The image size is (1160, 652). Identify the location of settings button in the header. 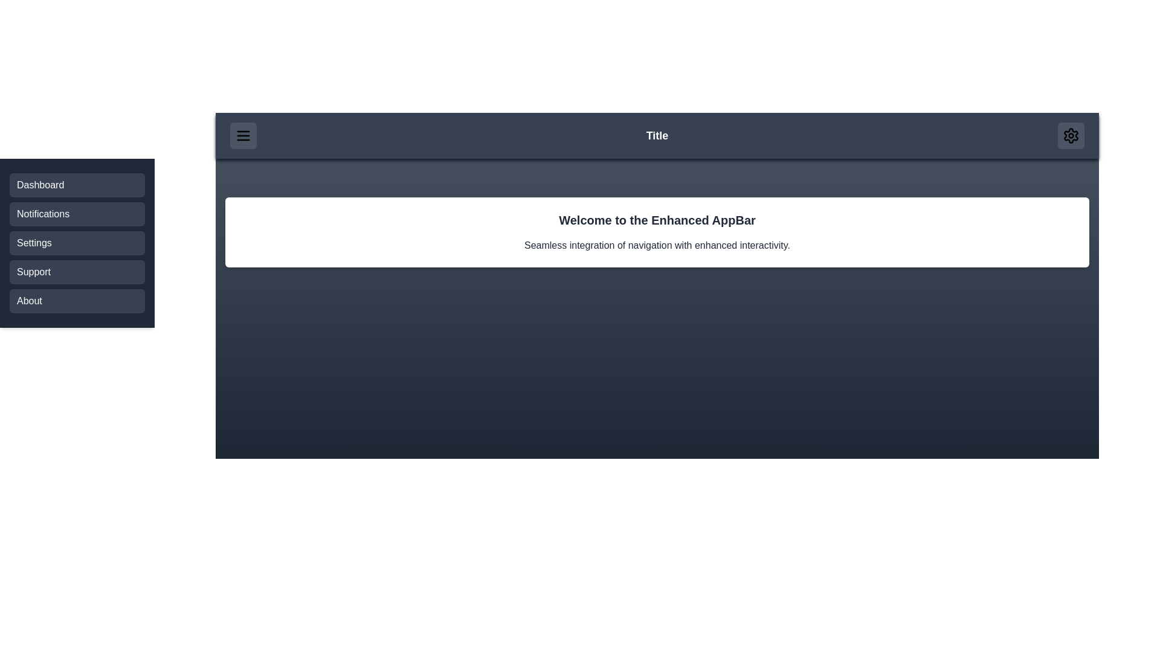
(1071, 135).